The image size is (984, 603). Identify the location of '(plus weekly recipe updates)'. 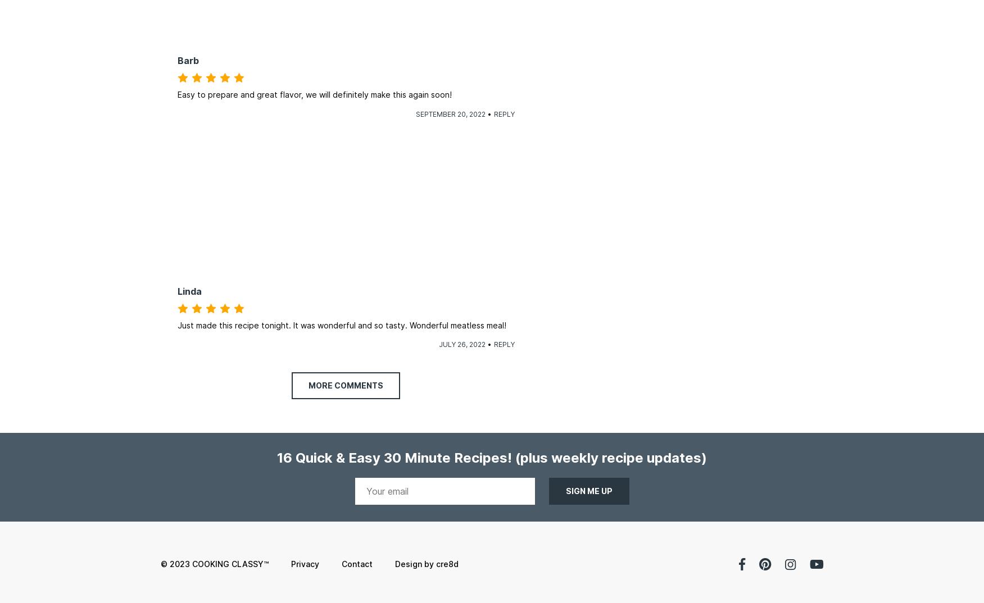
(611, 458).